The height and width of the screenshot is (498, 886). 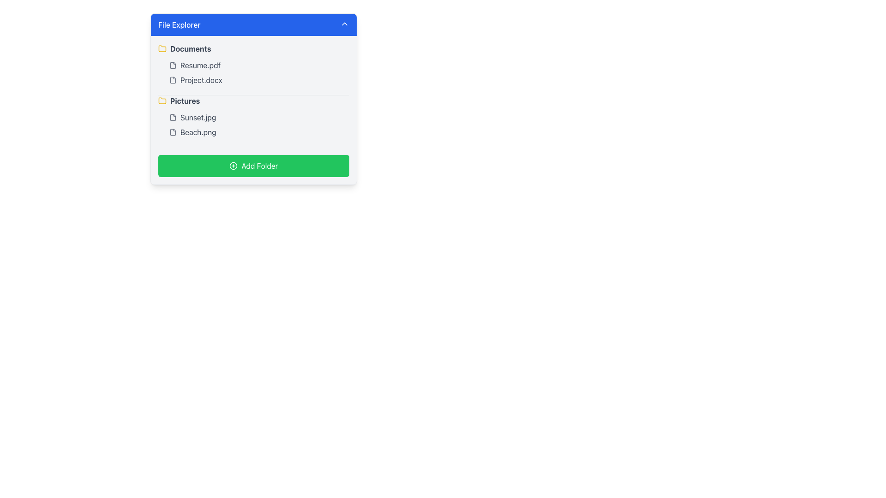 What do you see at coordinates (344, 23) in the screenshot?
I see `the small upward-pointing chevron icon located in the top-right corner of the blue header bar containing the text 'File Explorer'` at bounding box center [344, 23].